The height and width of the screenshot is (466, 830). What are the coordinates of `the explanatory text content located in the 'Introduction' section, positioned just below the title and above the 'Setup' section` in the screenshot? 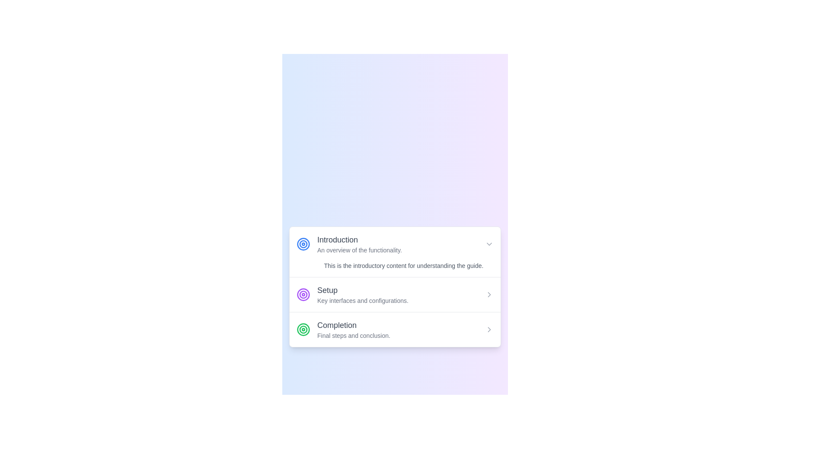 It's located at (394, 265).